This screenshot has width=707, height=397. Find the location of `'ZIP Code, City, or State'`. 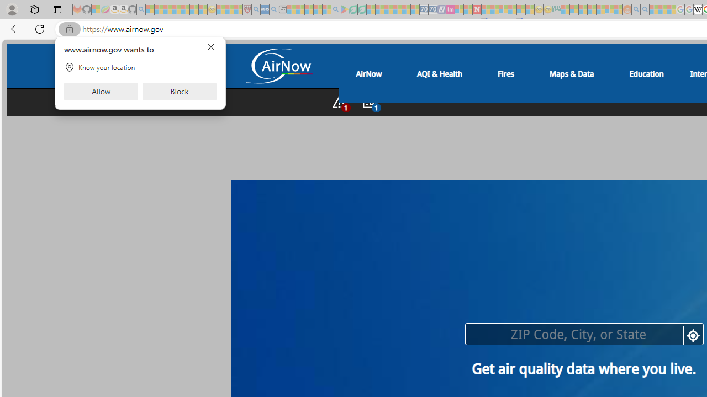

'ZIP Code, City, or State' is located at coordinates (583, 333).